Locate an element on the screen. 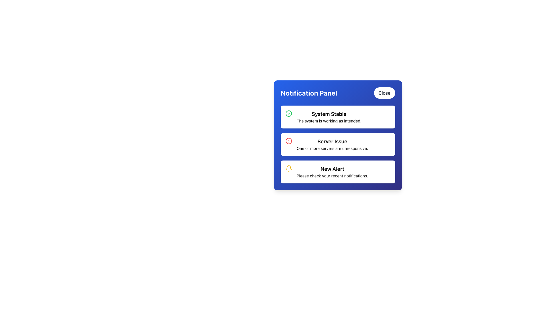 The height and width of the screenshot is (309, 549). the server issue alert by interacting elsewhere, specifically targeting the alert icon located on the left side of the second row in the notification group, aligned with the 'Server Issue' text is located at coordinates (289, 141).